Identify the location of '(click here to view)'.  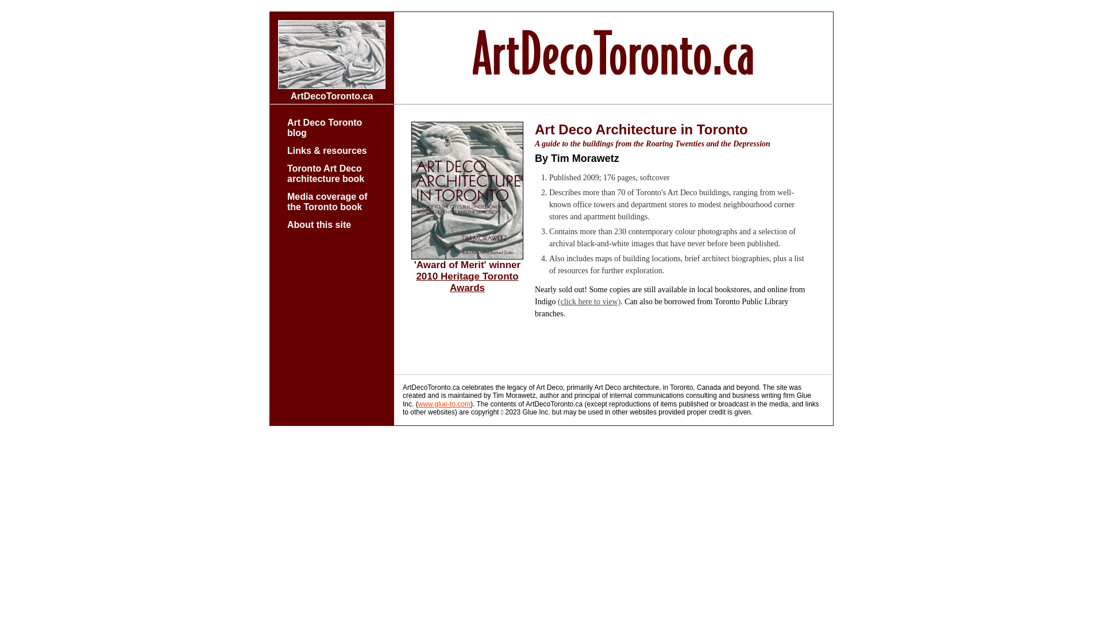
(589, 301).